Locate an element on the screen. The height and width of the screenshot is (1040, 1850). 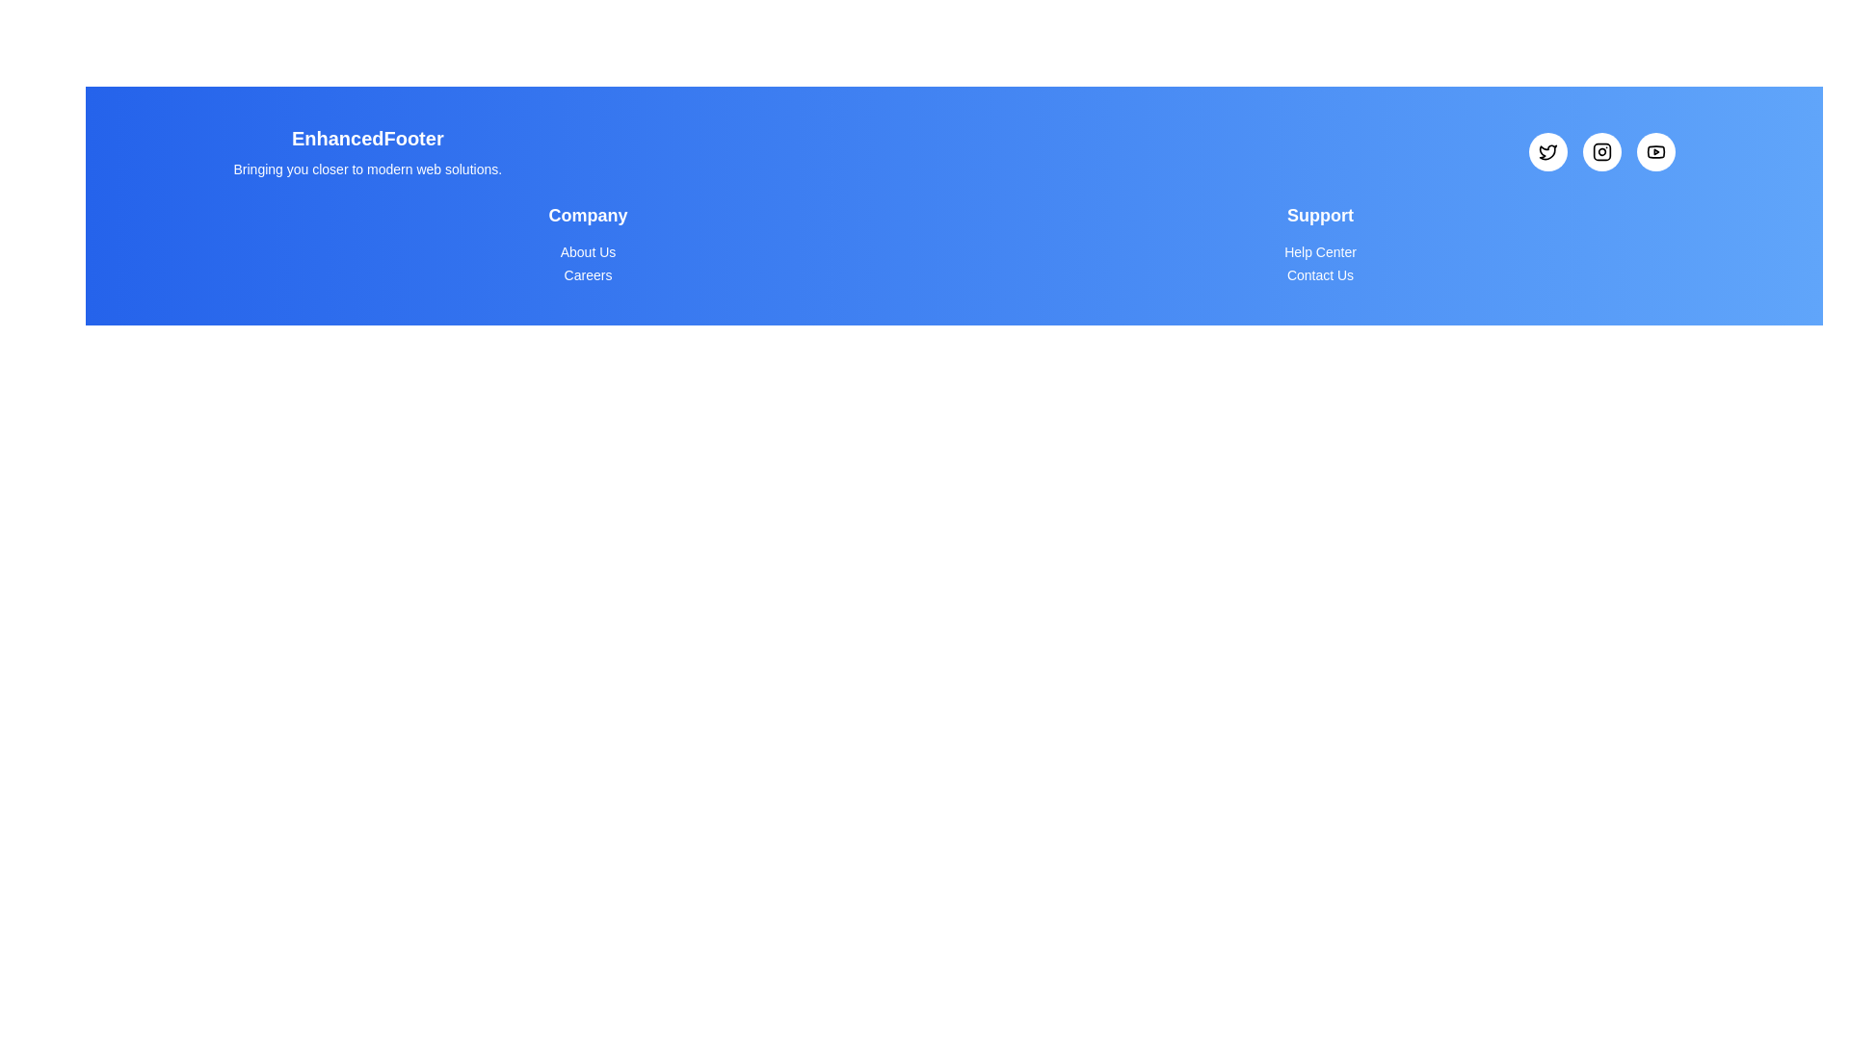
the 'Contact Us' hyperlink element located in the lower-right section of the interface under the 'Support' section is located at coordinates (1319, 274).